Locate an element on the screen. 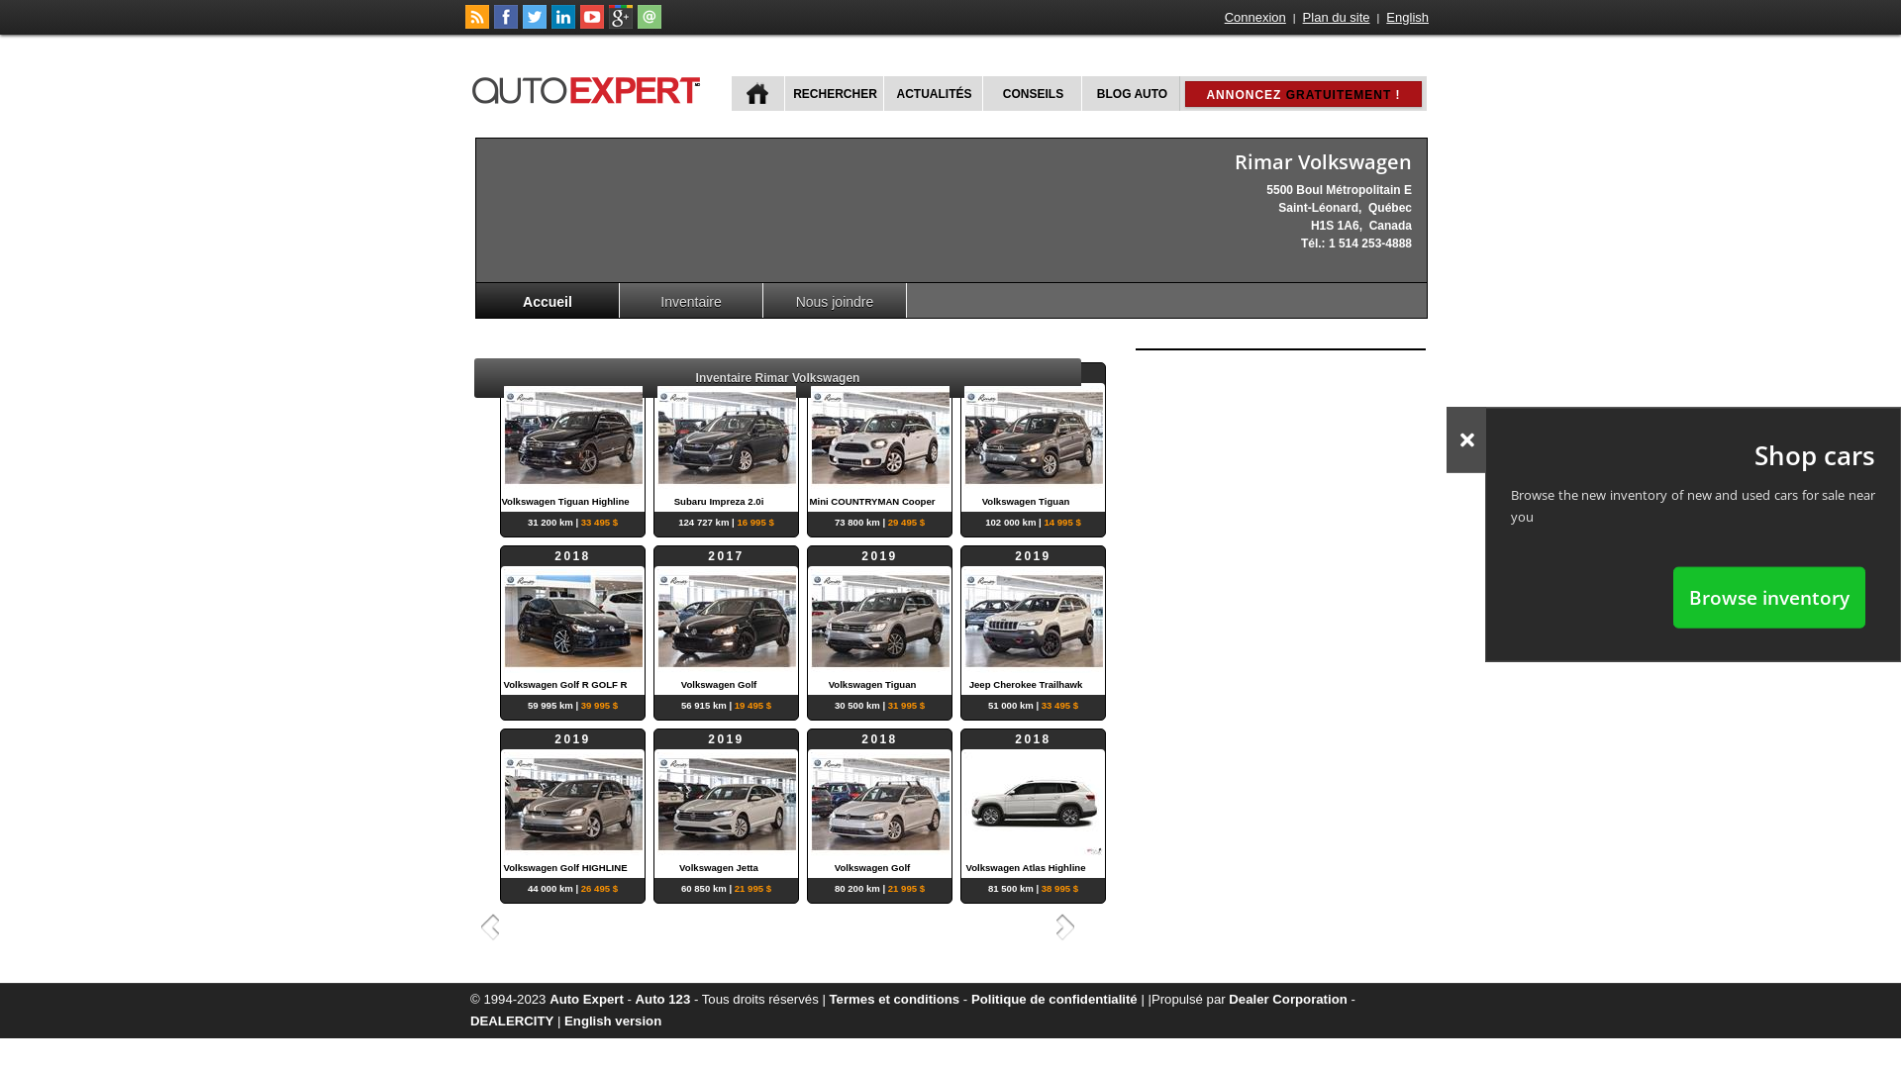  'BLOG AUTO' is located at coordinates (1079, 93).